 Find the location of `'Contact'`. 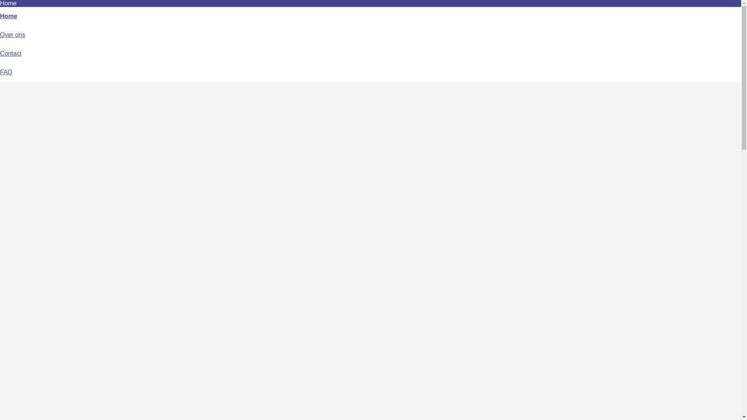

'Contact' is located at coordinates (0, 53).